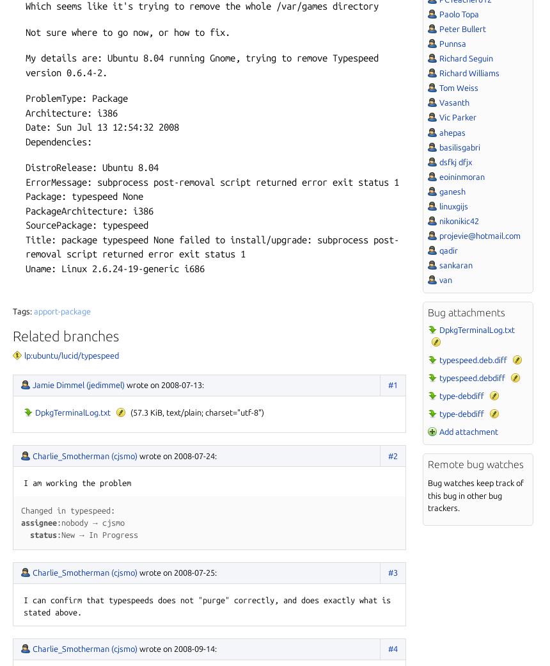  Describe the element at coordinates (71, 355) in the screenshot. I see `'lp:ubuntu/lucid/typespeed'` at that location.